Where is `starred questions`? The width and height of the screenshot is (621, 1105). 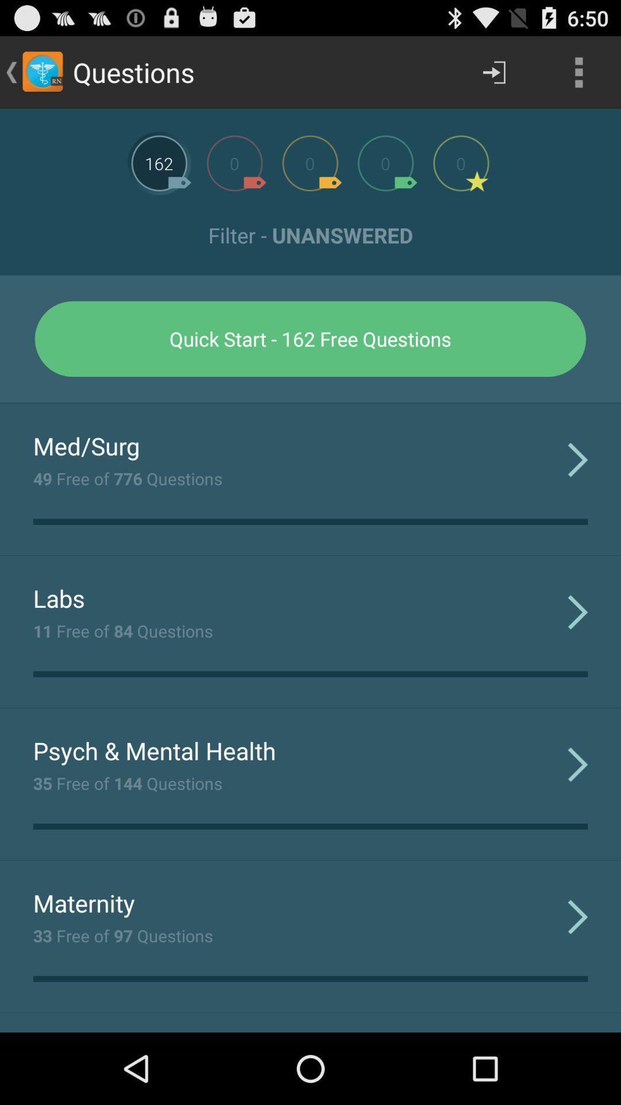 starred questions is located at coordinates (461, 162).